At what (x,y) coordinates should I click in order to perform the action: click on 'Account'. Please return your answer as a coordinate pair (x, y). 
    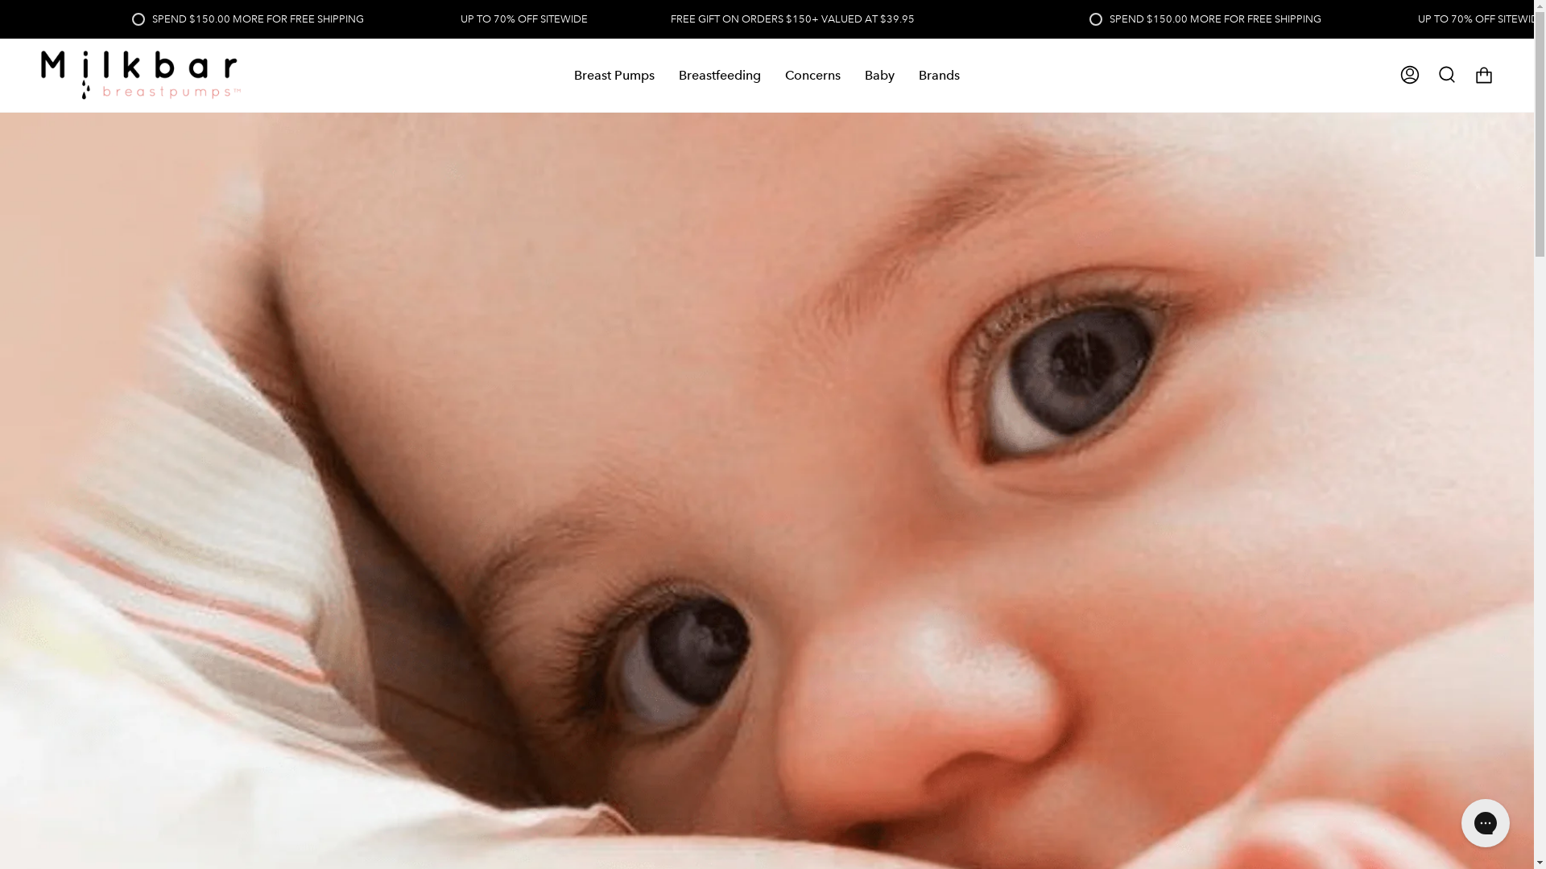
    Looking at the image, I should click on (1409, 75).